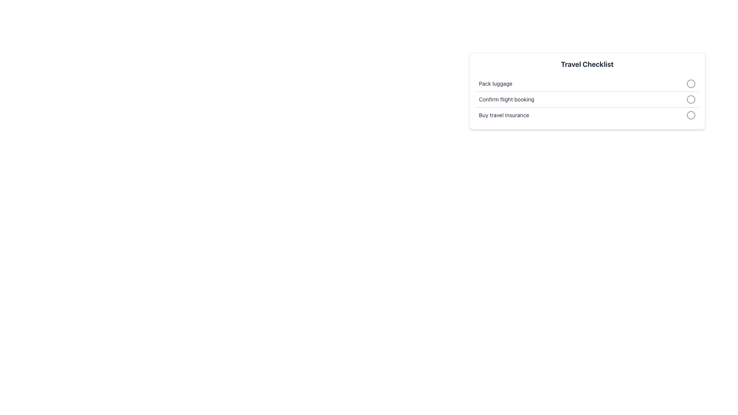 Image resolution: width=738 pixels, height=415 pixels. I want to click on the circular graphic indicator that is part of the checklist item labeled 'Buy travel insurance', so click(691, 115).